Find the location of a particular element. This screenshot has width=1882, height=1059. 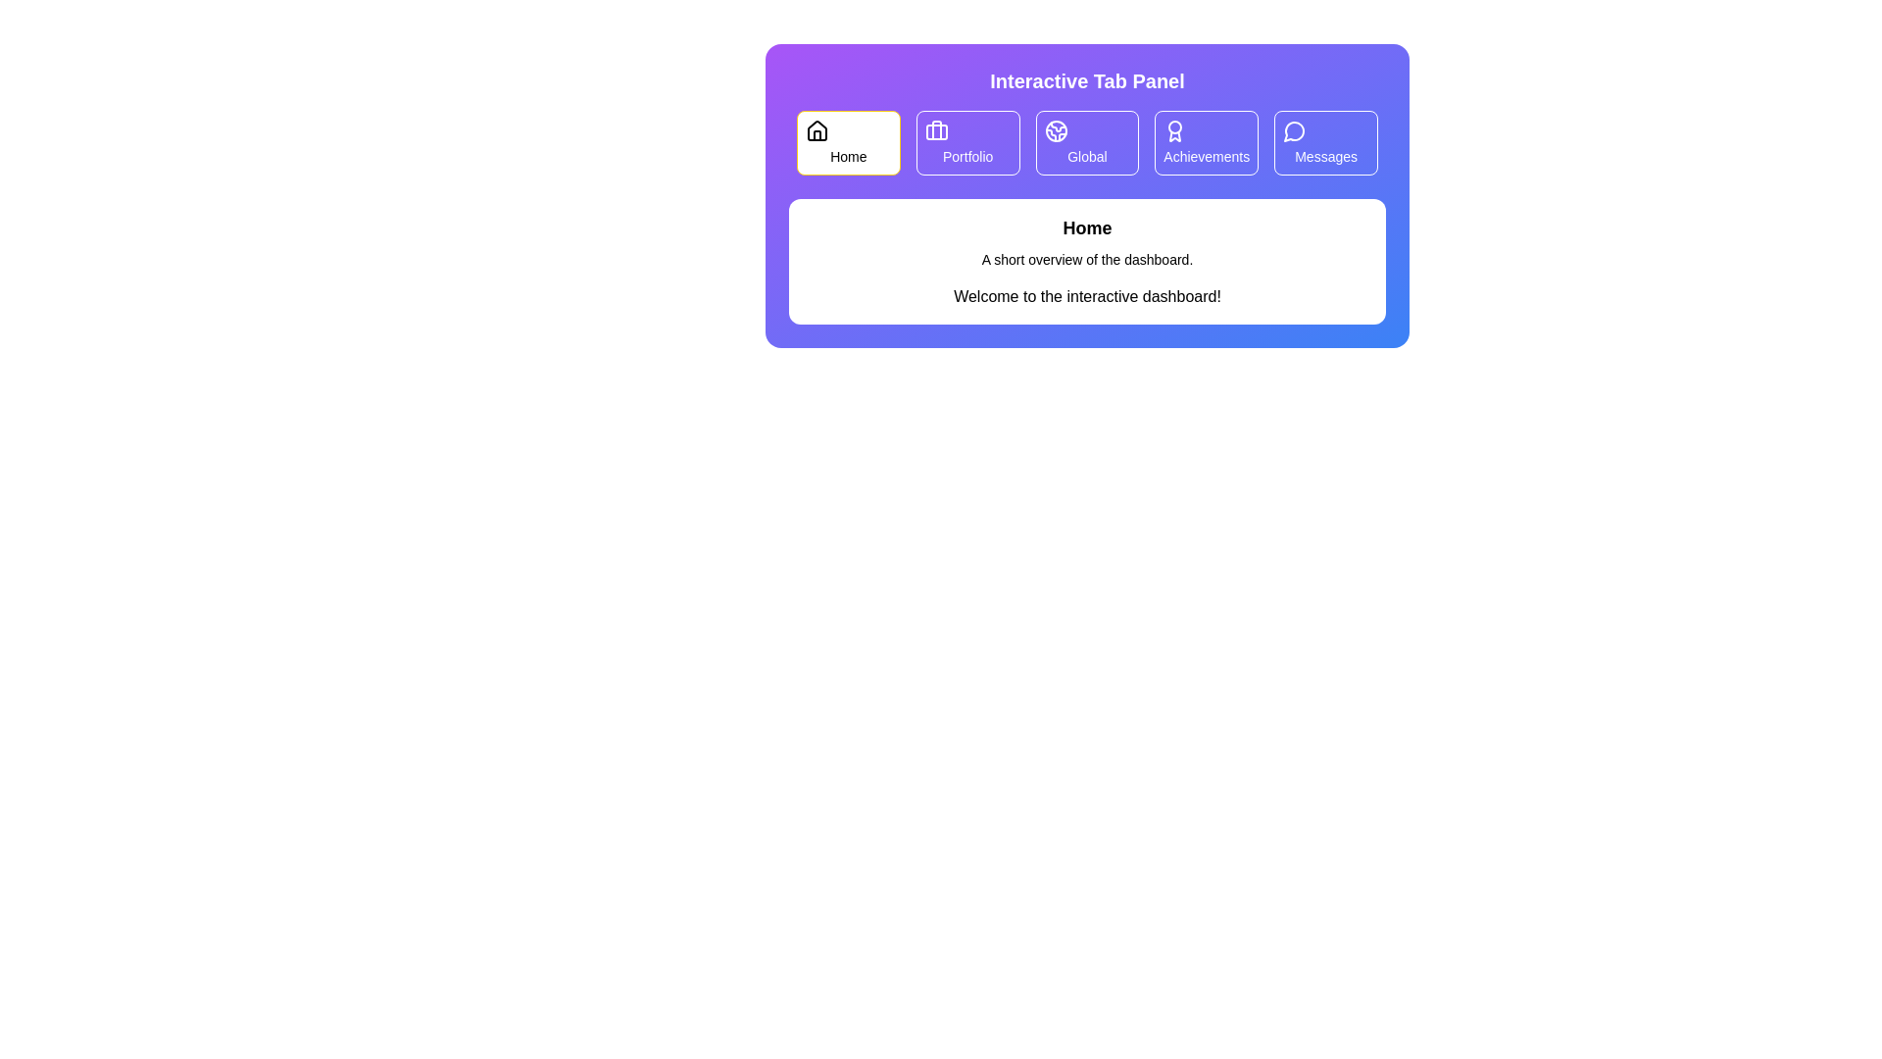

text content of the 'Home' label located in the first tab of the horizontal navigation bar below the house icon is located at coordinates (848, 155).